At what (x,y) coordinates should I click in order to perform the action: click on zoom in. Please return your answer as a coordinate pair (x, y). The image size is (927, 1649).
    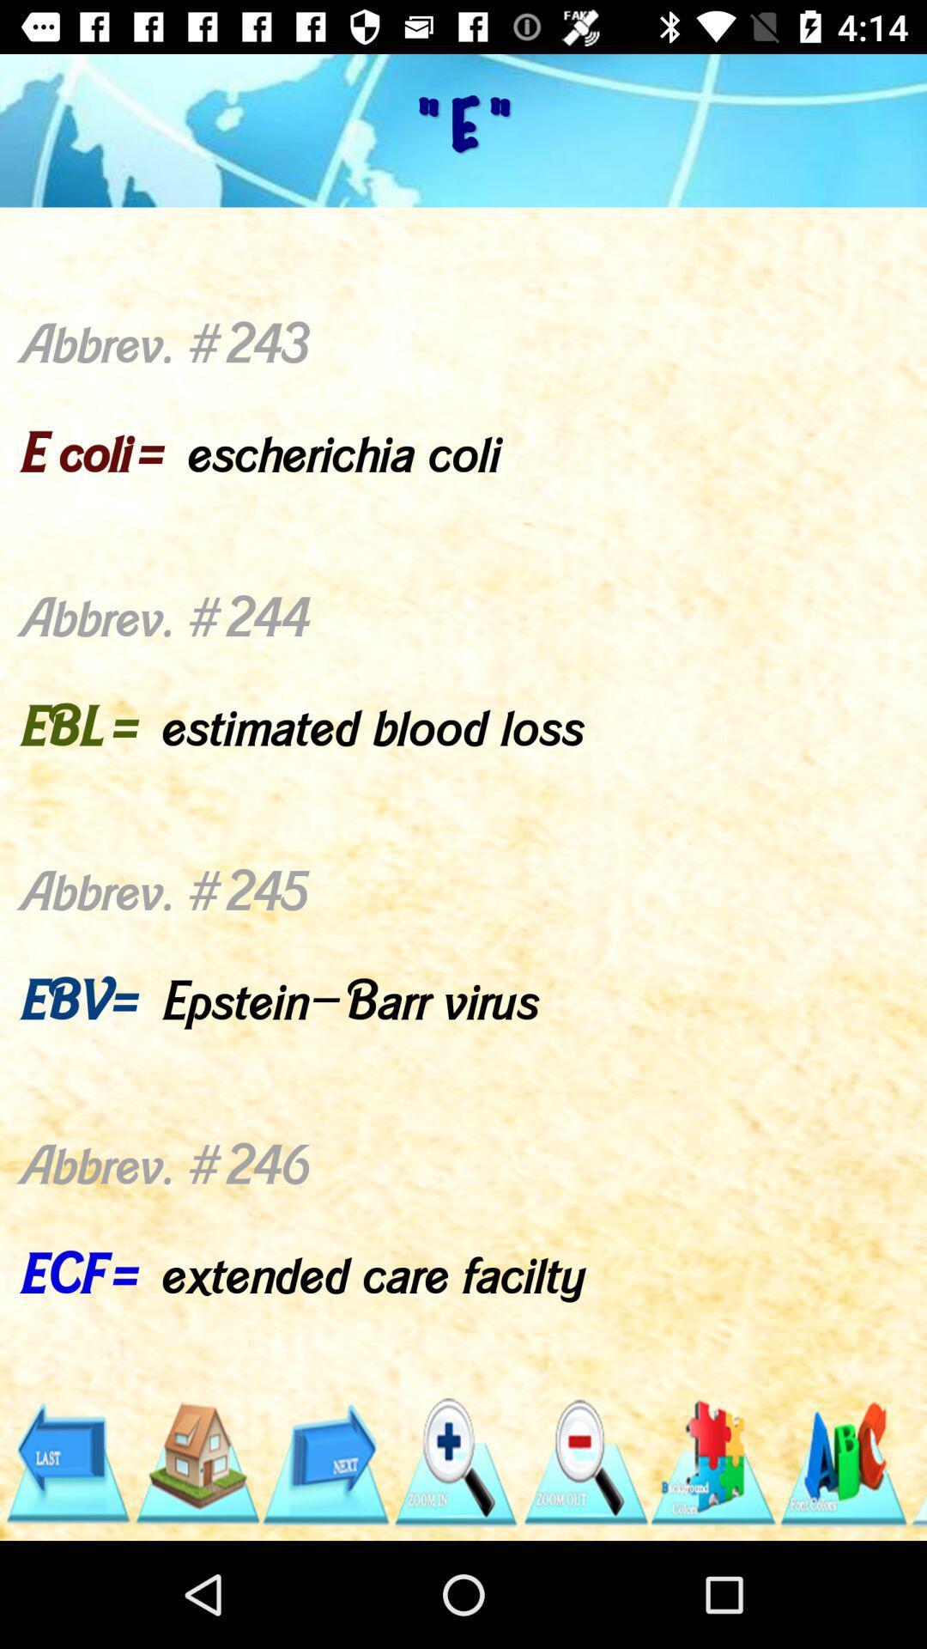
    Looking at the image, I should click on (454, 1462).